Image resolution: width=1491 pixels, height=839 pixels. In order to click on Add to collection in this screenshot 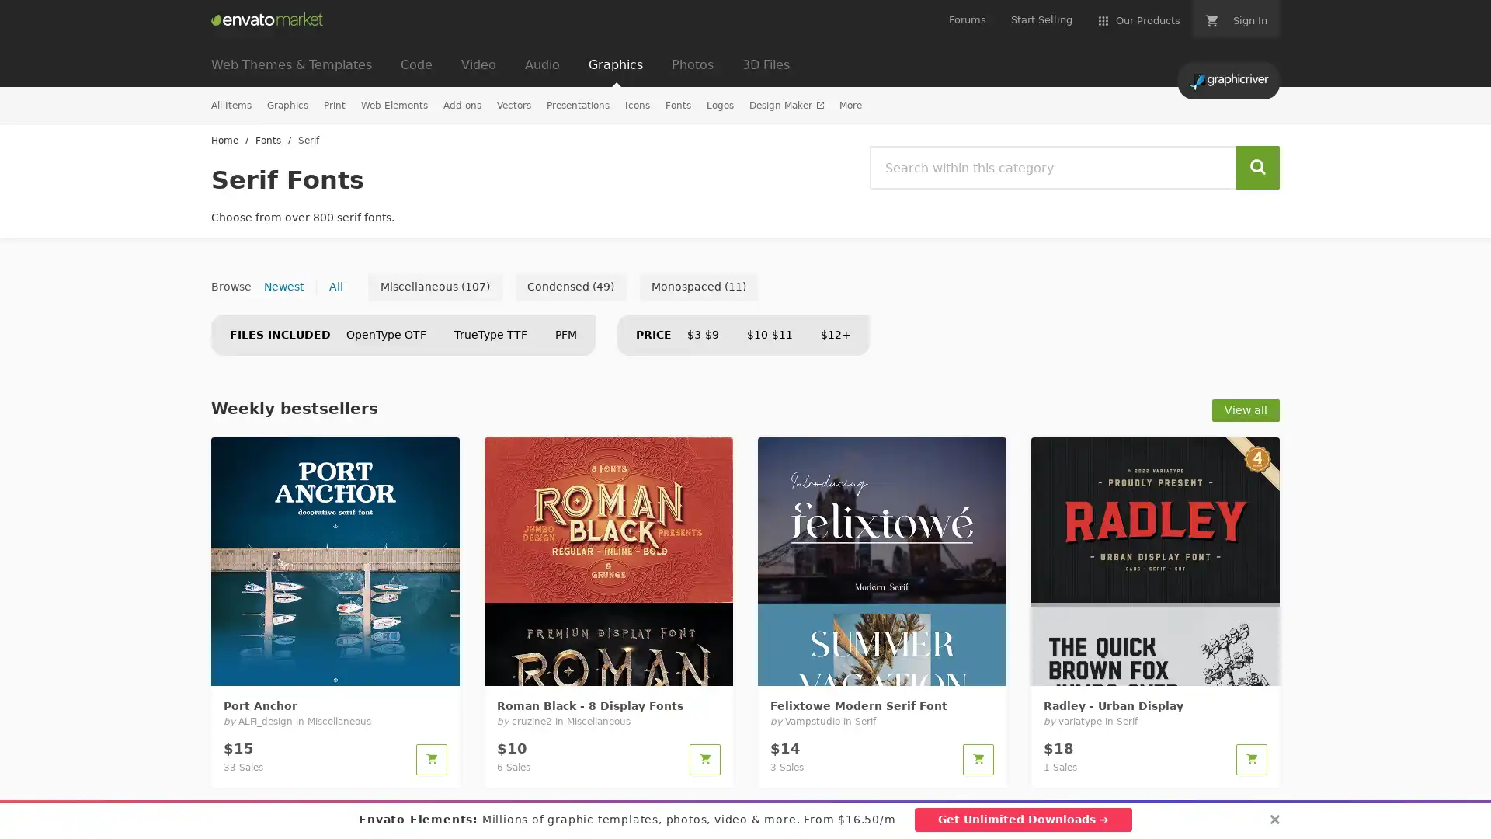, I will do `click(1218, 664)`.